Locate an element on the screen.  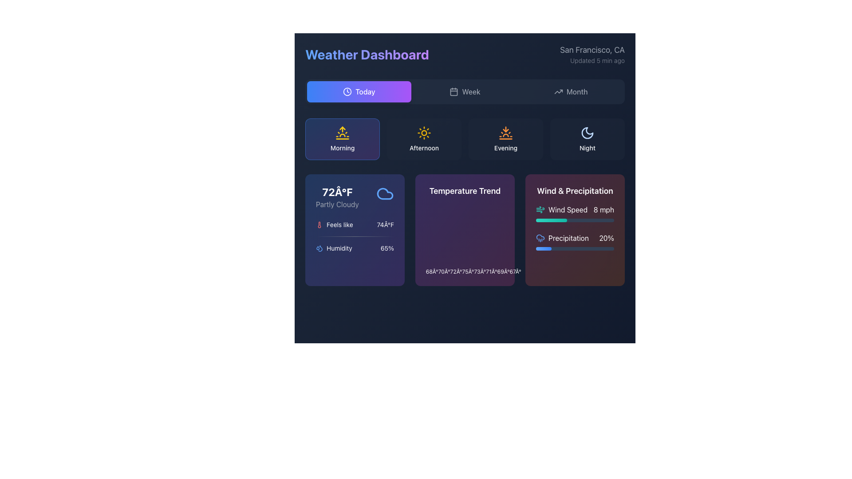
the Informational card displaying weather information related to wind speed and precipitation, located at the bottom-right corner of the layout is located at coordinates (575, 230).